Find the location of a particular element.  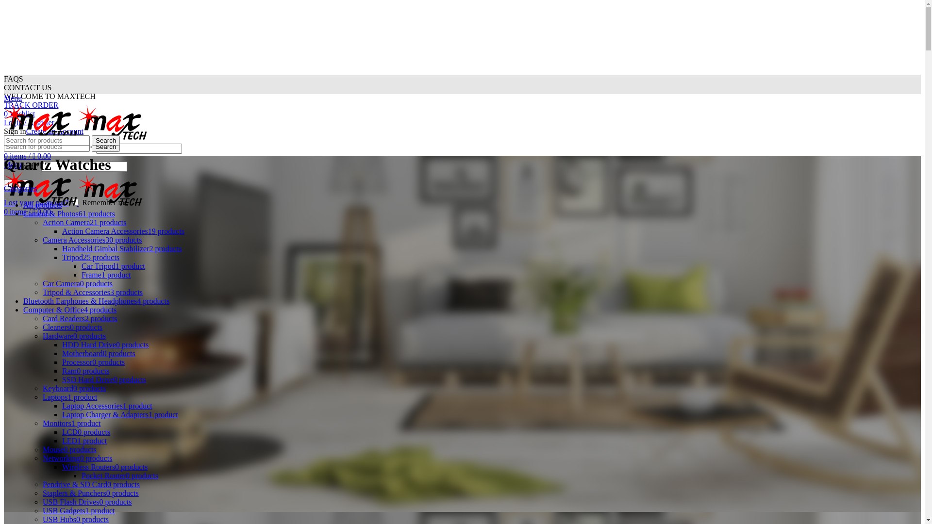

'Card Readers2 products' is located at coordinates (80, 318).